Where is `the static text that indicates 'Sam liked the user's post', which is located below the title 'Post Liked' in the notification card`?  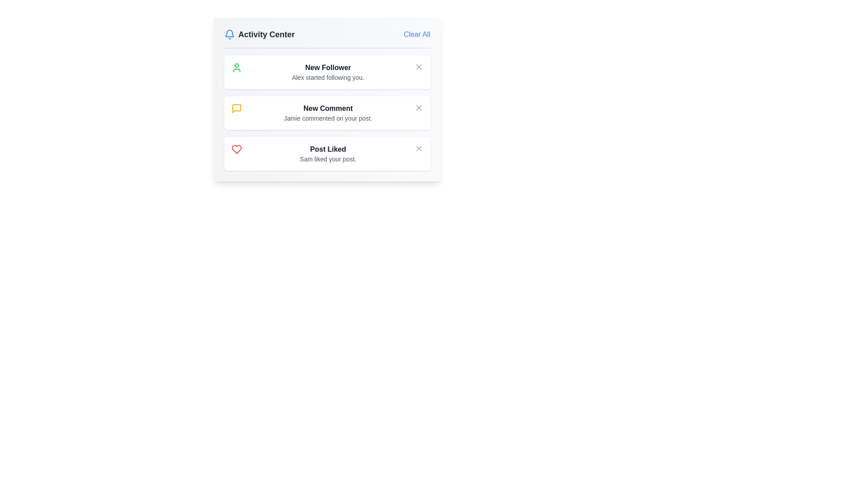 the static text that indicates 'Sam liked the user's post', which is located below the title 'Post Liked' in the notification card is located at coordinates (327, 158).